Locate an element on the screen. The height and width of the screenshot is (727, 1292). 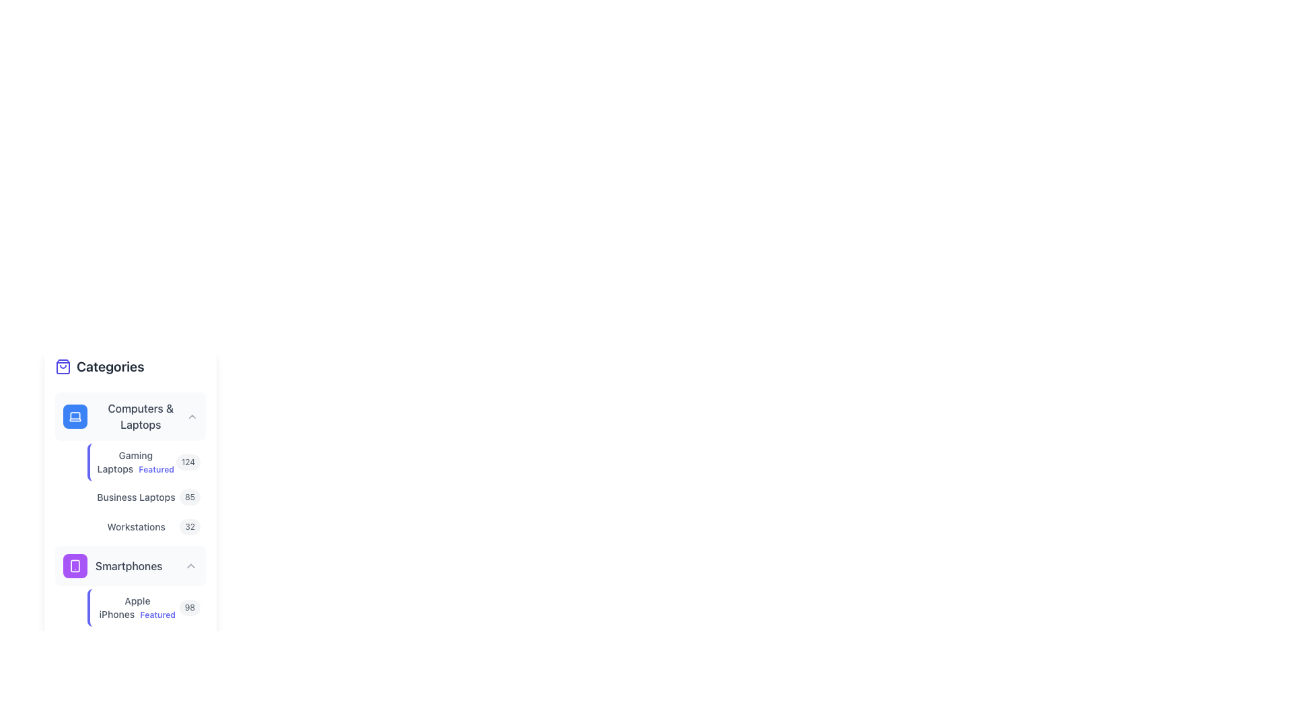
the badge component displaying the number '32', which is positioned to the right of the 'Workstations' label in the 'Categories' section is located at coordinates (189, 526).